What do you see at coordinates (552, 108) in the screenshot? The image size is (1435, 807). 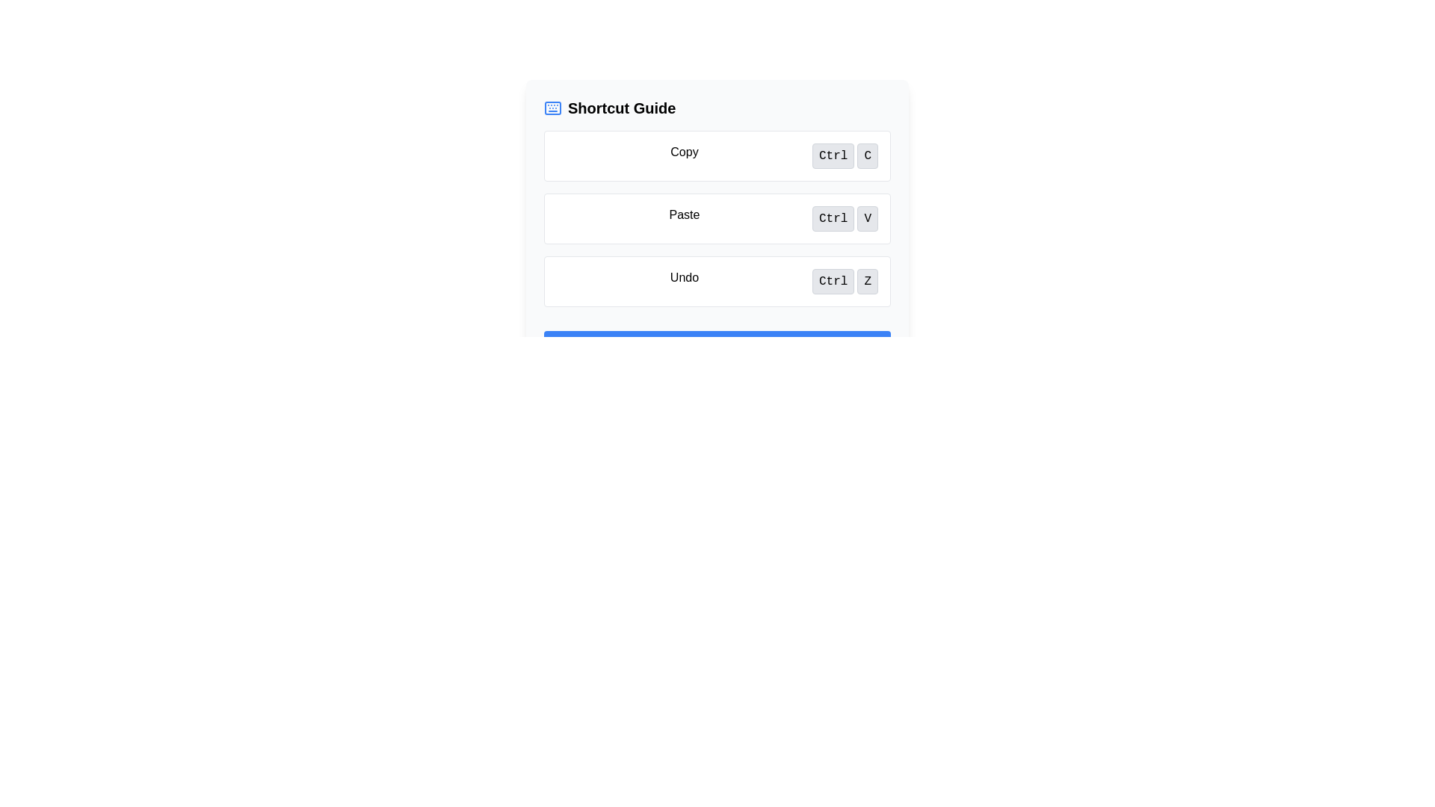 I see `the Decorative vector component representing a key within the SVG graphic of the keyboard, located near the 'Shortcut Guide' heading` at bounding box center [552, 108].